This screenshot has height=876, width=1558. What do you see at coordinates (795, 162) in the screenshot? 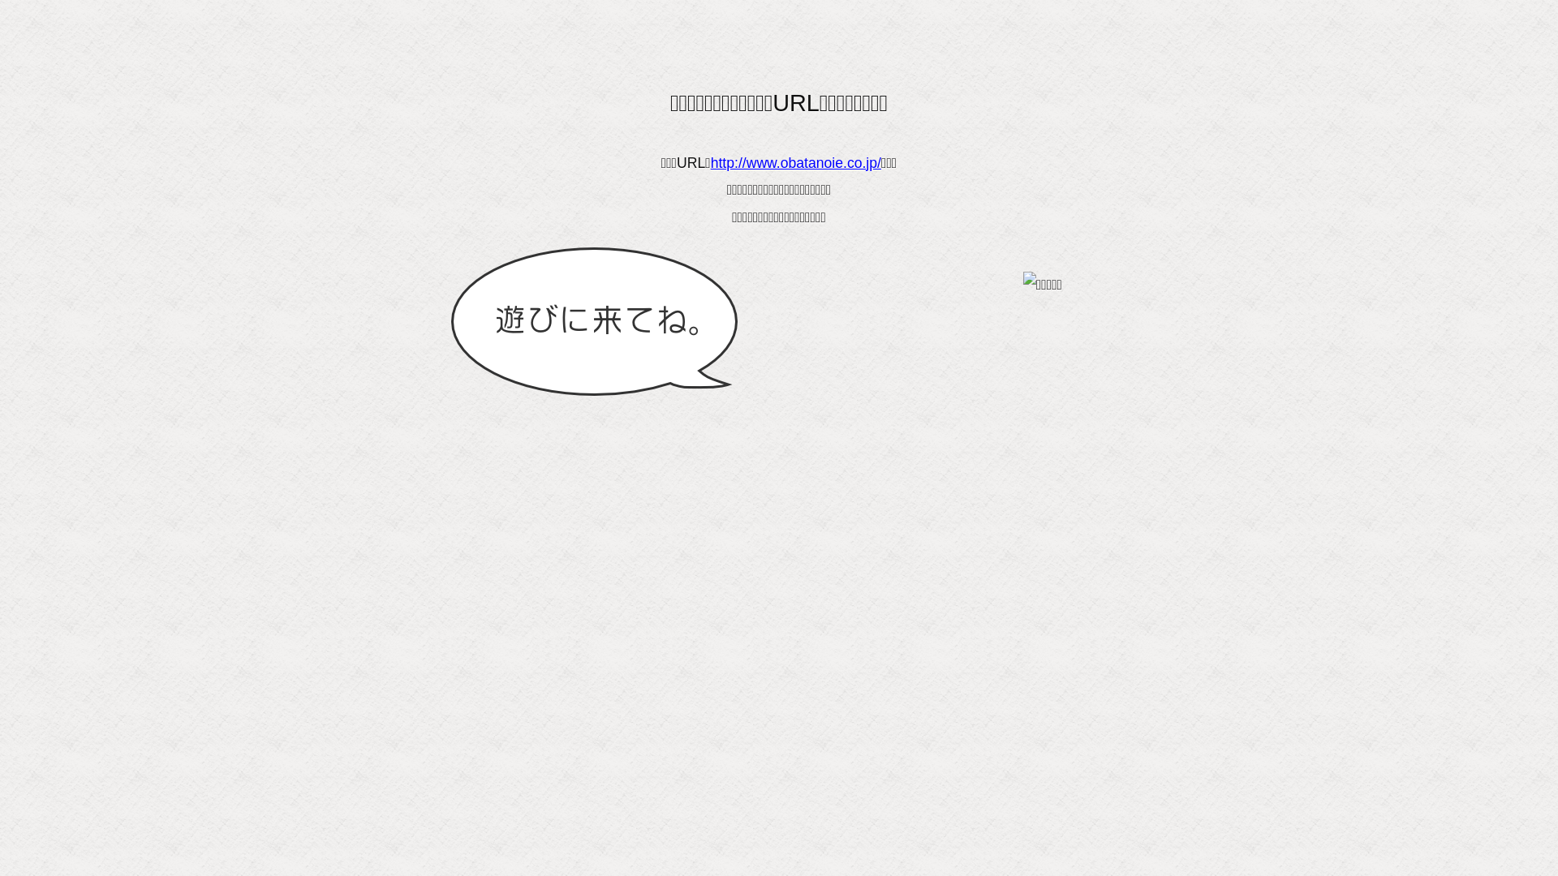
I see `'http://www.obatanoie.co.jp/'` at bounding box center [795, 162].